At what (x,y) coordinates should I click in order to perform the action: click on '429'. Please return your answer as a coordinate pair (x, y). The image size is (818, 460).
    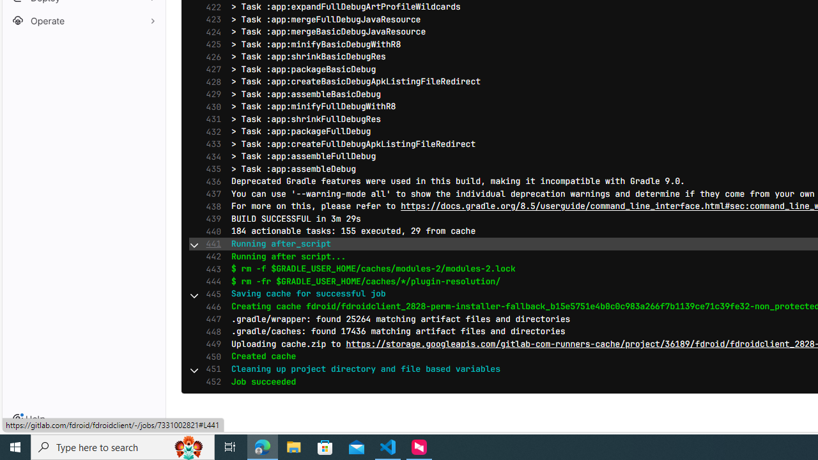
    Looking at the image, I should click on (210, 93).